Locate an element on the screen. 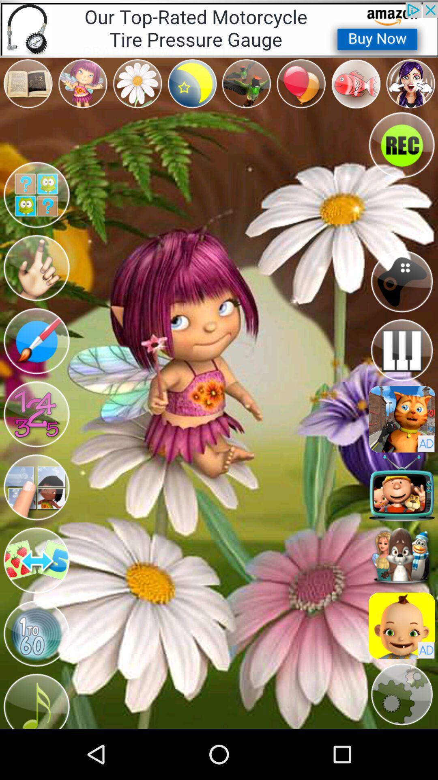  setup is located at coordinates (401, 694).